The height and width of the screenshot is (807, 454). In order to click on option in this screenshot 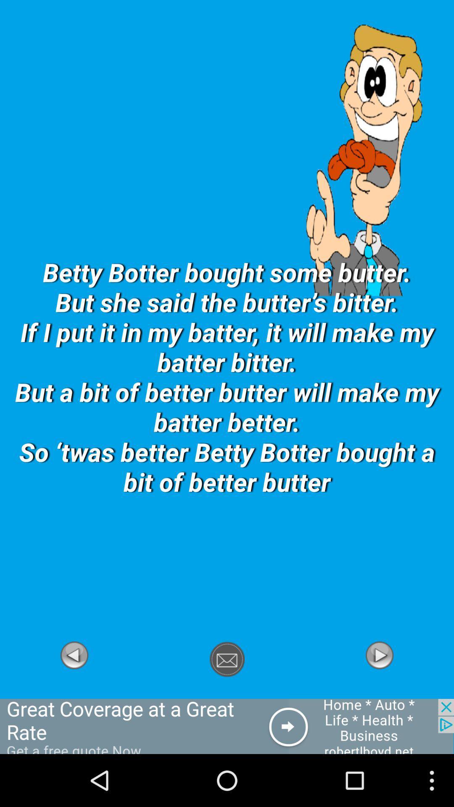, I will do `click(74, 694)`.